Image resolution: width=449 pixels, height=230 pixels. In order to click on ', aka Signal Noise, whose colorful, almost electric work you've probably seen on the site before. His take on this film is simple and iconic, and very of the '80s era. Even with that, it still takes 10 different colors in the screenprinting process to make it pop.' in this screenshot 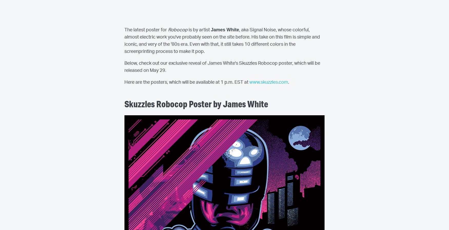, I will do `click(222, 40)`.